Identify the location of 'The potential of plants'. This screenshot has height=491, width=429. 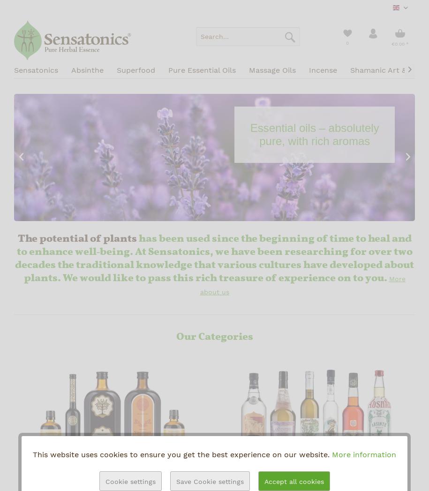
(76, 239).